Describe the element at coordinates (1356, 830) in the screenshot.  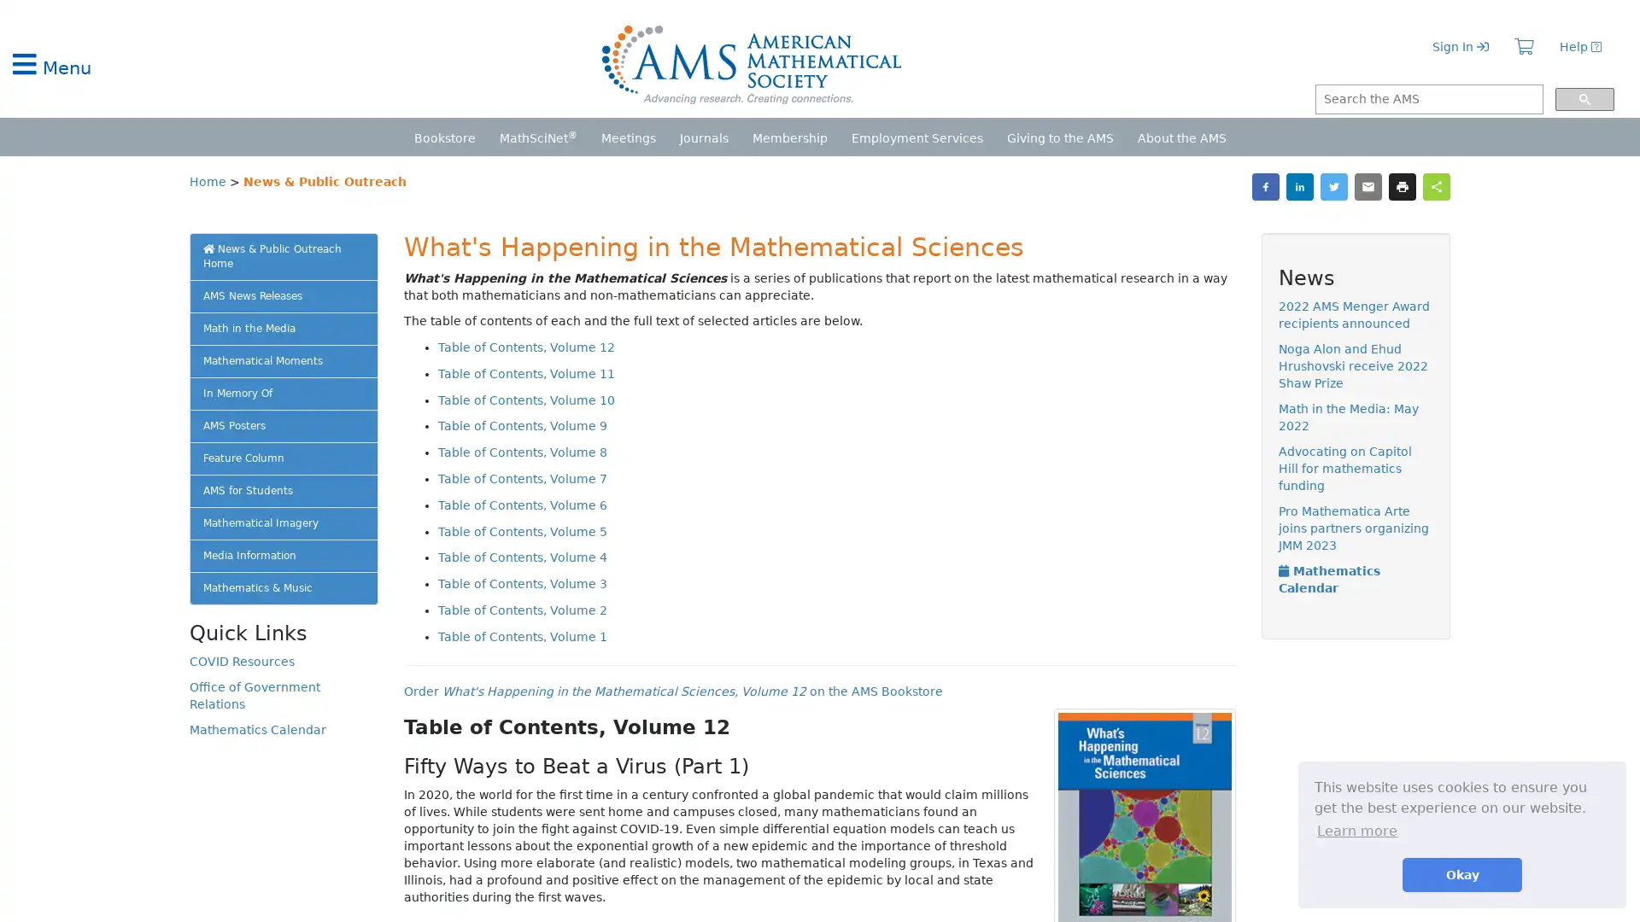
I see `learn more about cookies` at that location.